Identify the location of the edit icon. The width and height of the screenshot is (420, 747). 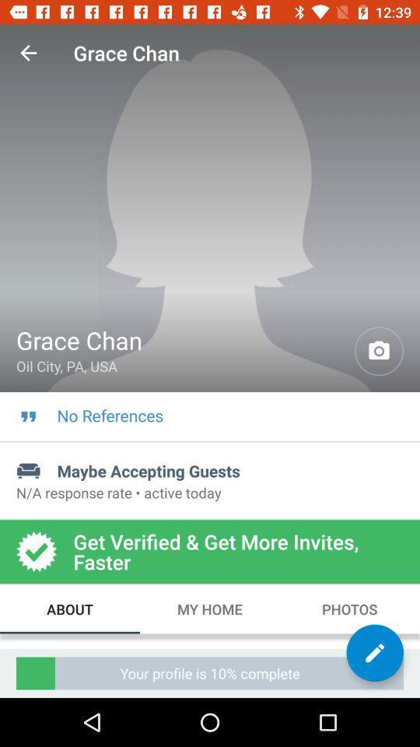
(374, 653).